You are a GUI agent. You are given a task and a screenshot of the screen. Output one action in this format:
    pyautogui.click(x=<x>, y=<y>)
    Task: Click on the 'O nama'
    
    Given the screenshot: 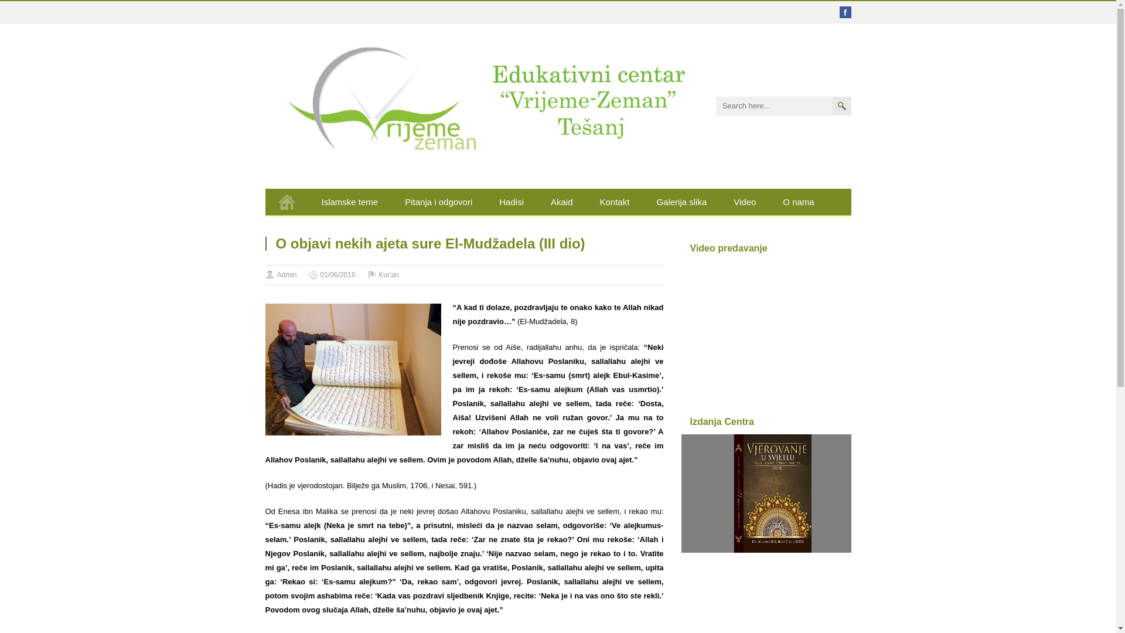 What is the action you would take?
    pyautogui.click(x=769, y=201)
    